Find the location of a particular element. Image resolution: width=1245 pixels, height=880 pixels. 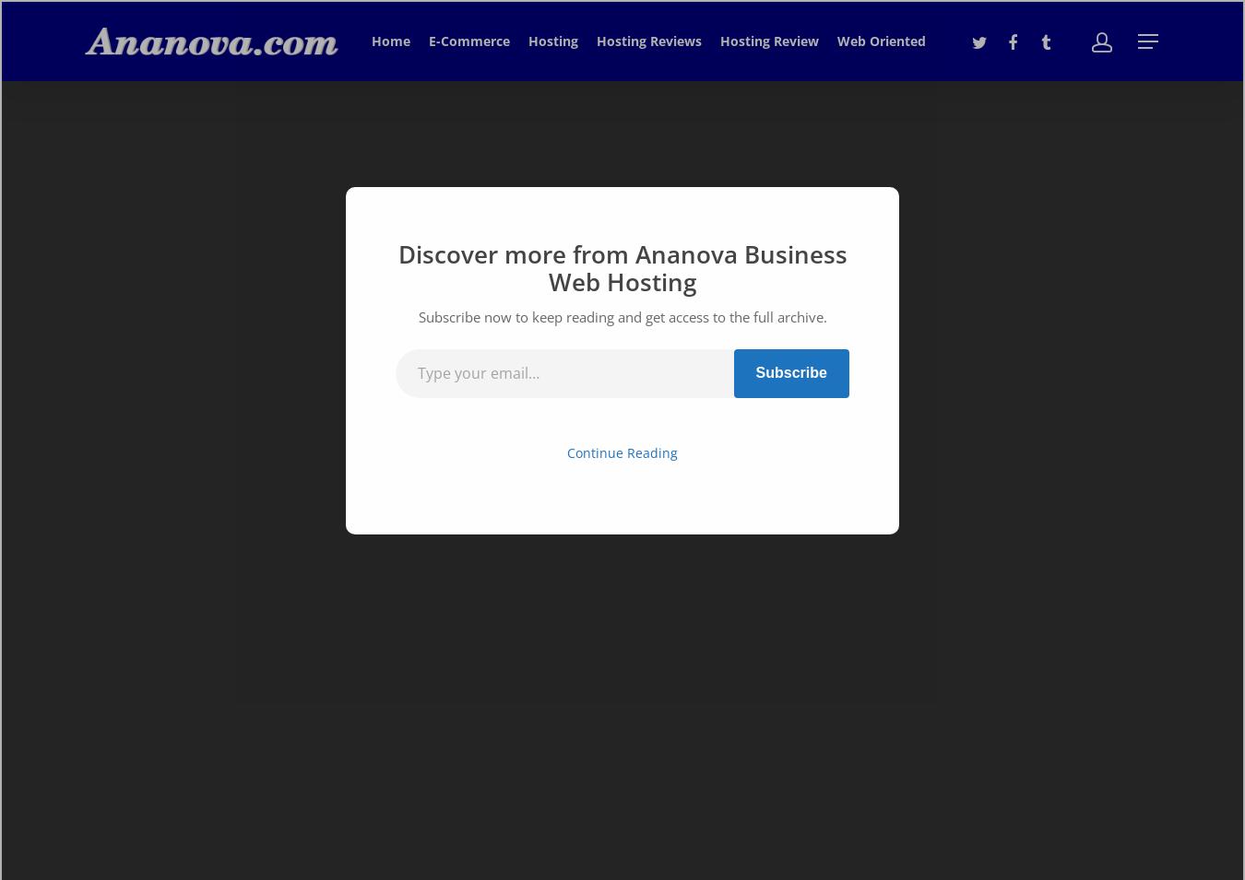

'Hosting' is located at coordinates (528, 40).